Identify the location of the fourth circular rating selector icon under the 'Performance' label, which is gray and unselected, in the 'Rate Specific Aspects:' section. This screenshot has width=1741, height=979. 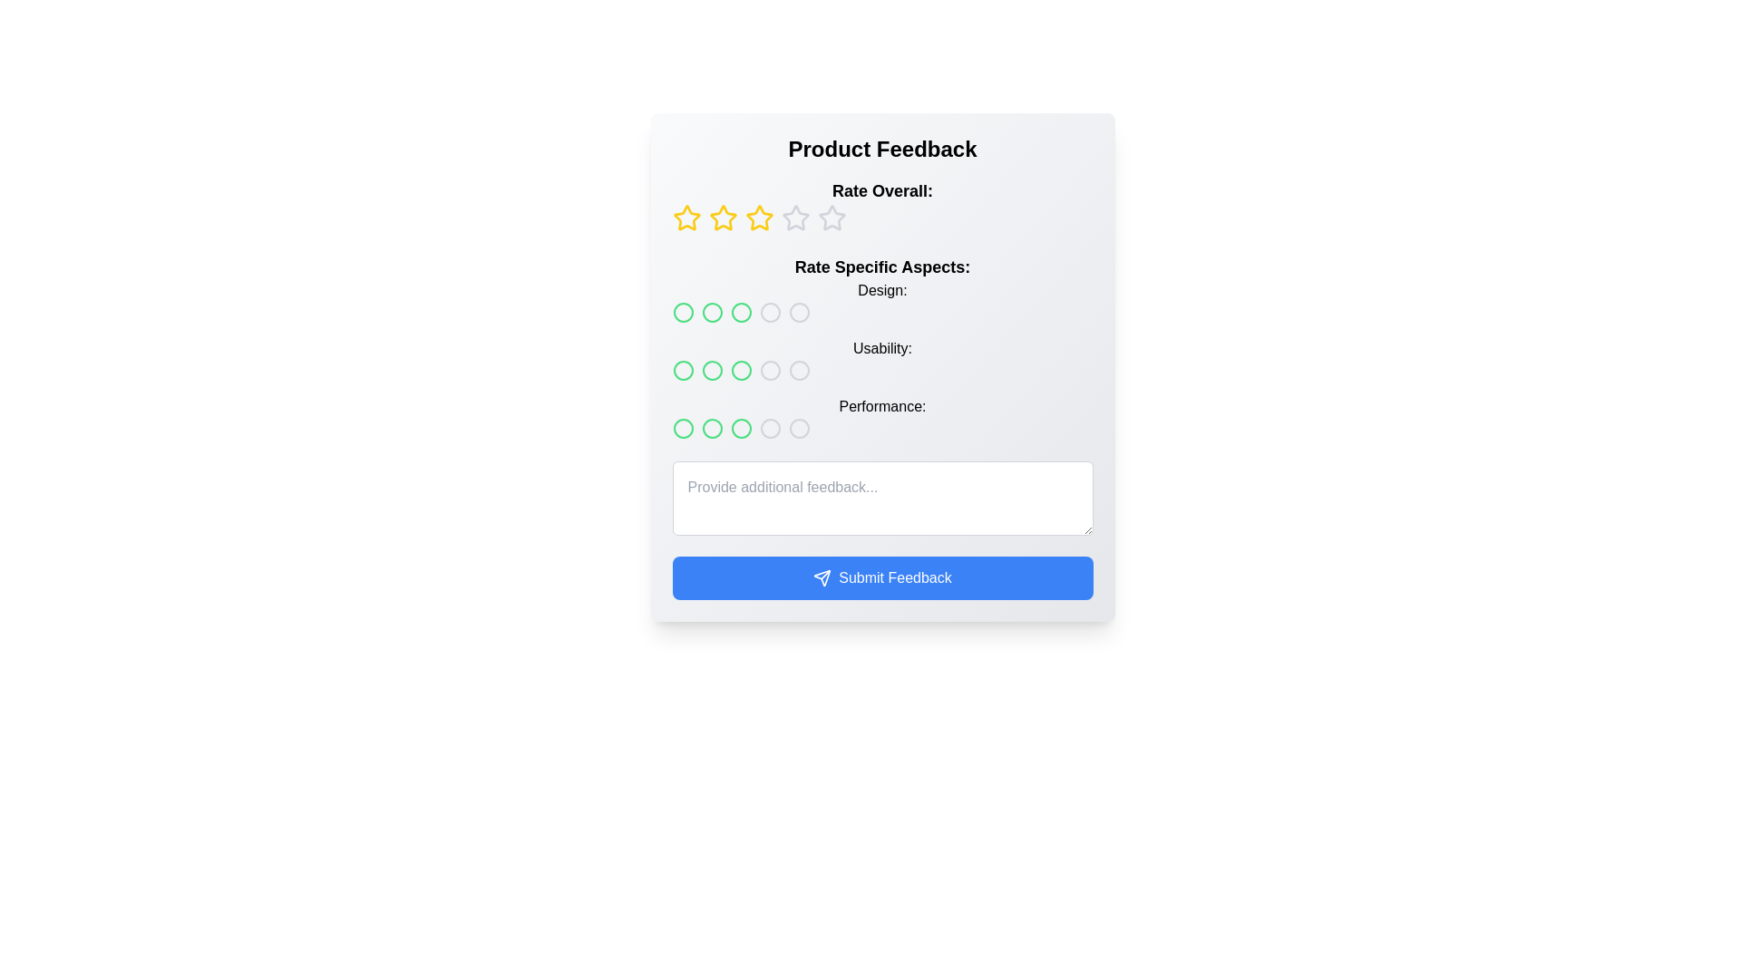
(798, 429).